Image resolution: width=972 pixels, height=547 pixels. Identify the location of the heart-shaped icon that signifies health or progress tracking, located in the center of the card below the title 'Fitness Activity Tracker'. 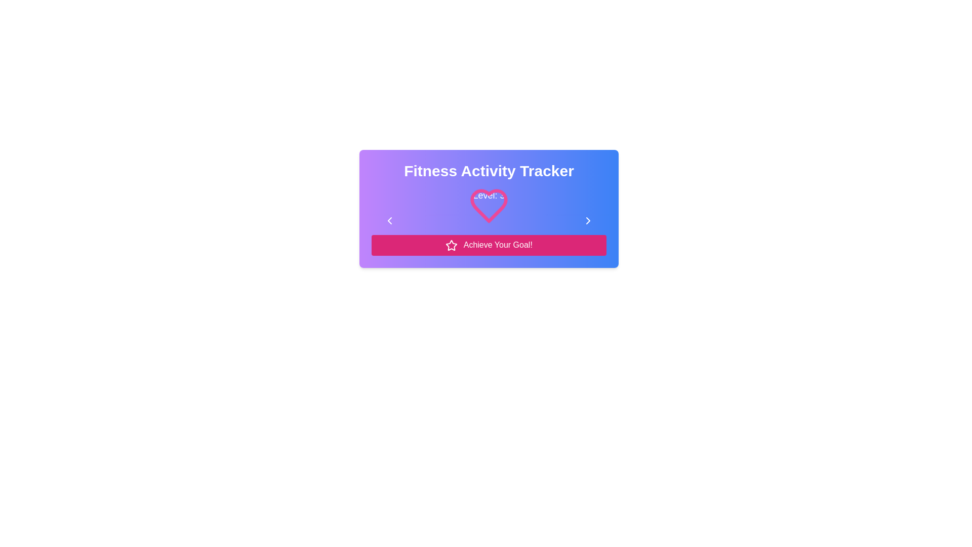
(489, 214).